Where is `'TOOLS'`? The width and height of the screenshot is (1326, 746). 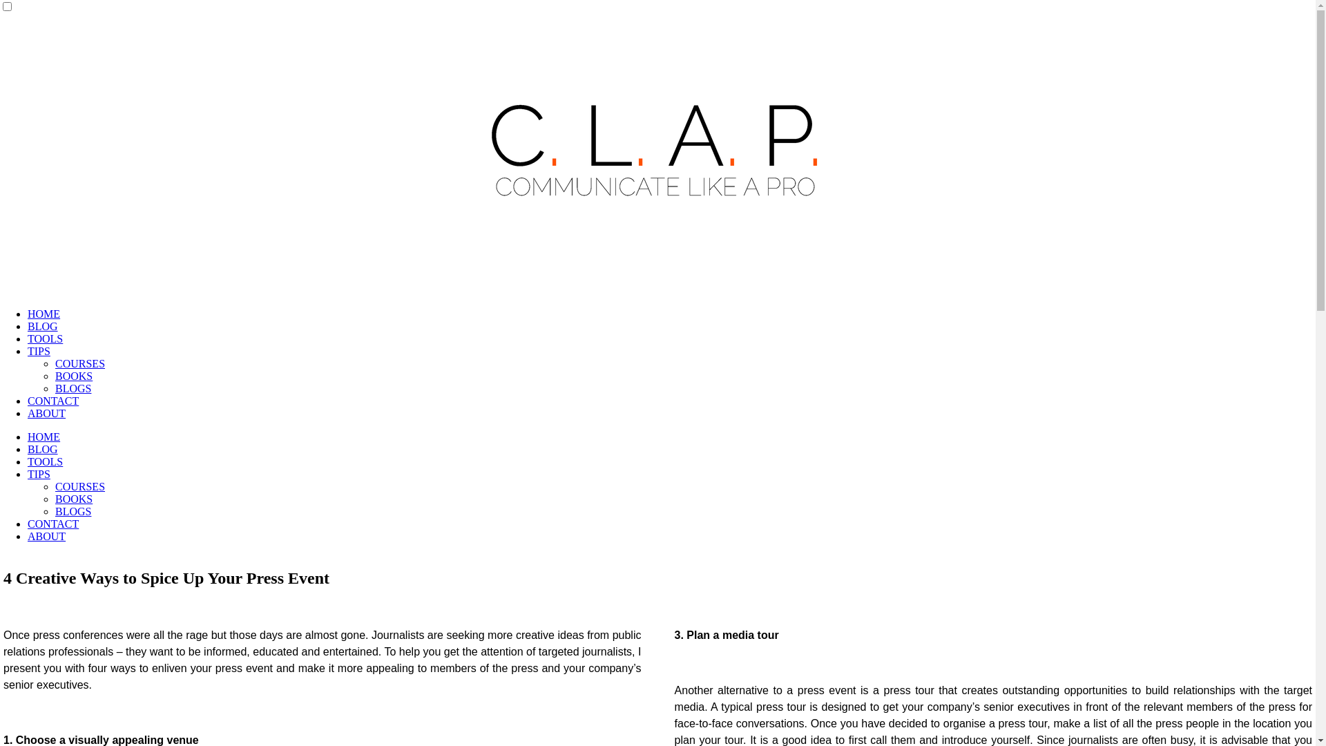 'TOOLS' is located at coordinates (45, 461).